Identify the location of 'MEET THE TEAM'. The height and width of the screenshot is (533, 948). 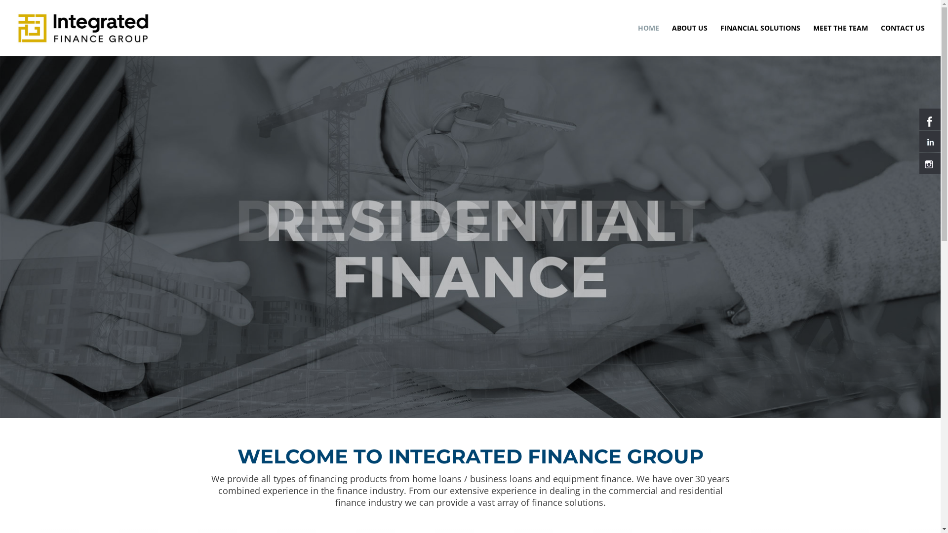
(840, 39).